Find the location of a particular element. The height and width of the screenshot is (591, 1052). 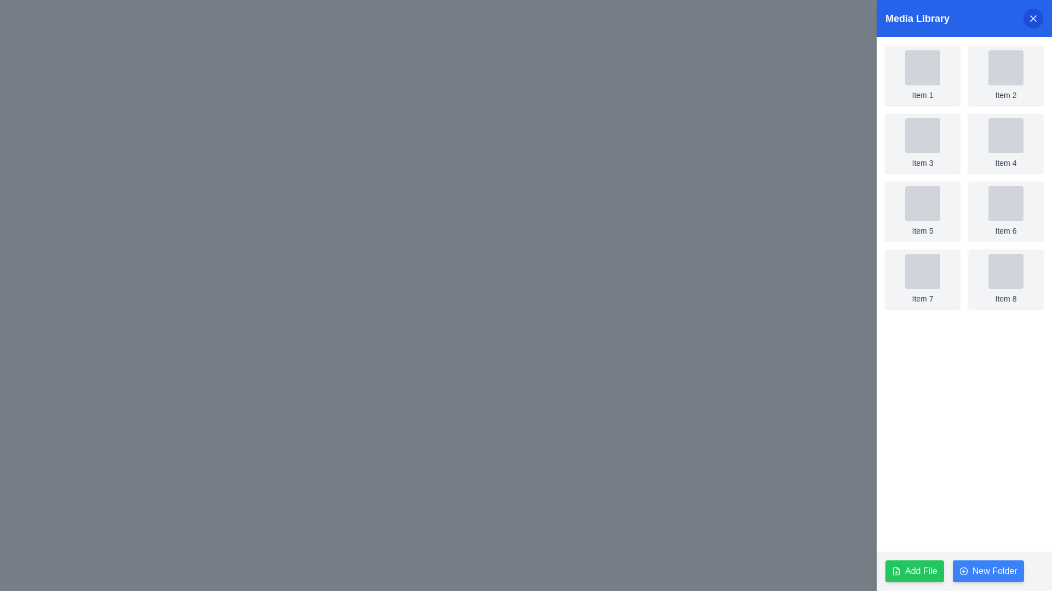

the close button ("X" icon) located at the top-right corner of the media library panel is located at coordinates (1033, 19).